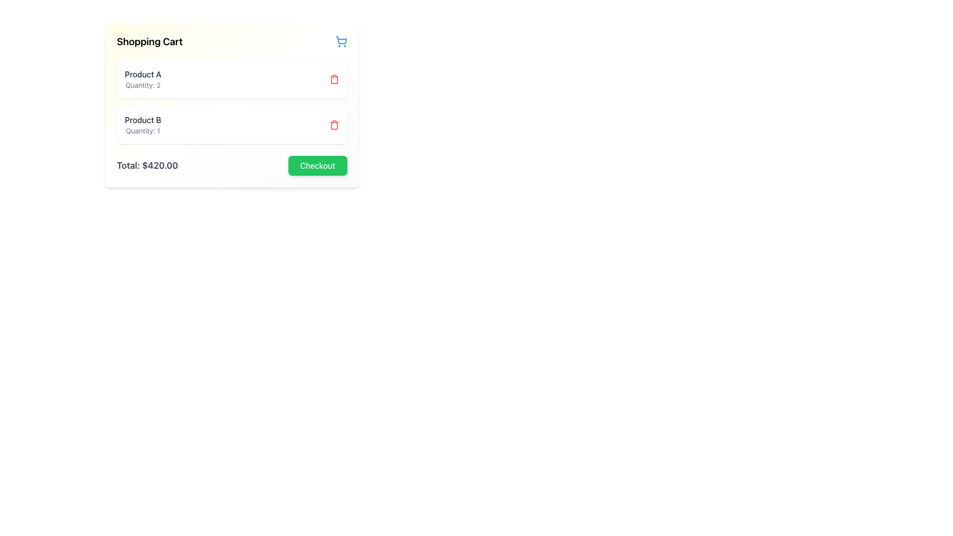 This screenshot has height=536, width=953. What do you see at coordinates (341, 41) in the screenshot?
I see `the blue outlined shopping cart icon located to the right of the 'Shopping Cart' title` at bounding box center [341, 41].